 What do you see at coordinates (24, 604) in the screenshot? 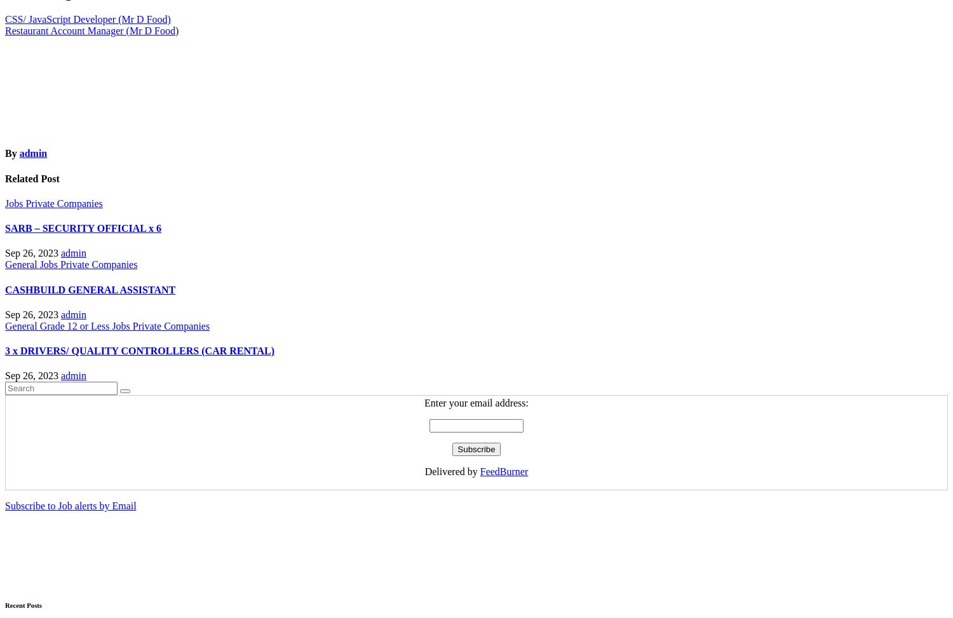
I see `'Recent Posts'` at bounding box center [24, 604].